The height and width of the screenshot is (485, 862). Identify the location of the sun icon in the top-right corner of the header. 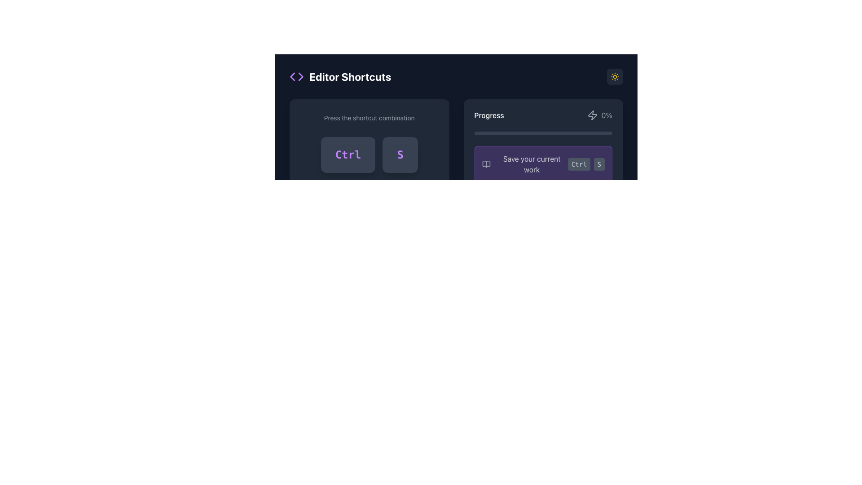
(614, 76).